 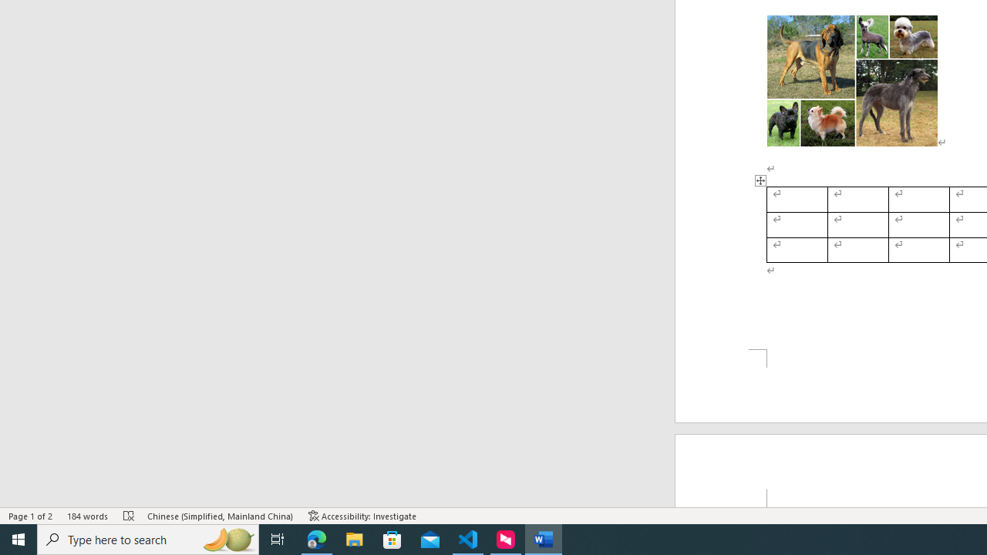 What do you see at coordinates (220, 516) in the screenshot?
I see `'Language Chinese (Simplified, Mainland China)'` at bounding box center [220, 516].